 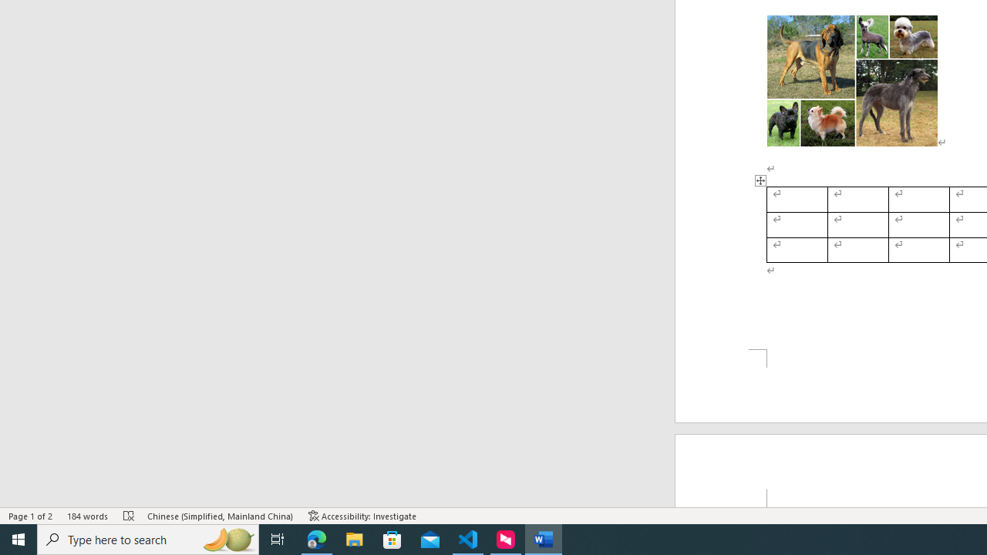 What do you see at coordinates (220, 516) in the screenshot?
I see `'Language Chinese (Simplified, Mainland China)'` at bounding box center [220, 516].